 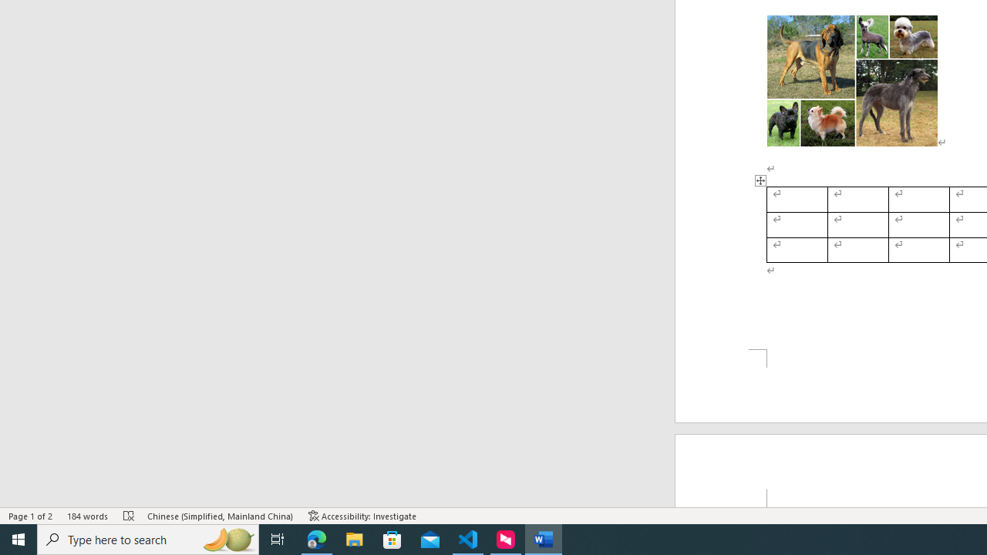 What do you see at coordinates (220, 516) in the screenshot?
I see `'Language Chinese (Simplified, Mainland China)'` at bounding box center [220, 516].